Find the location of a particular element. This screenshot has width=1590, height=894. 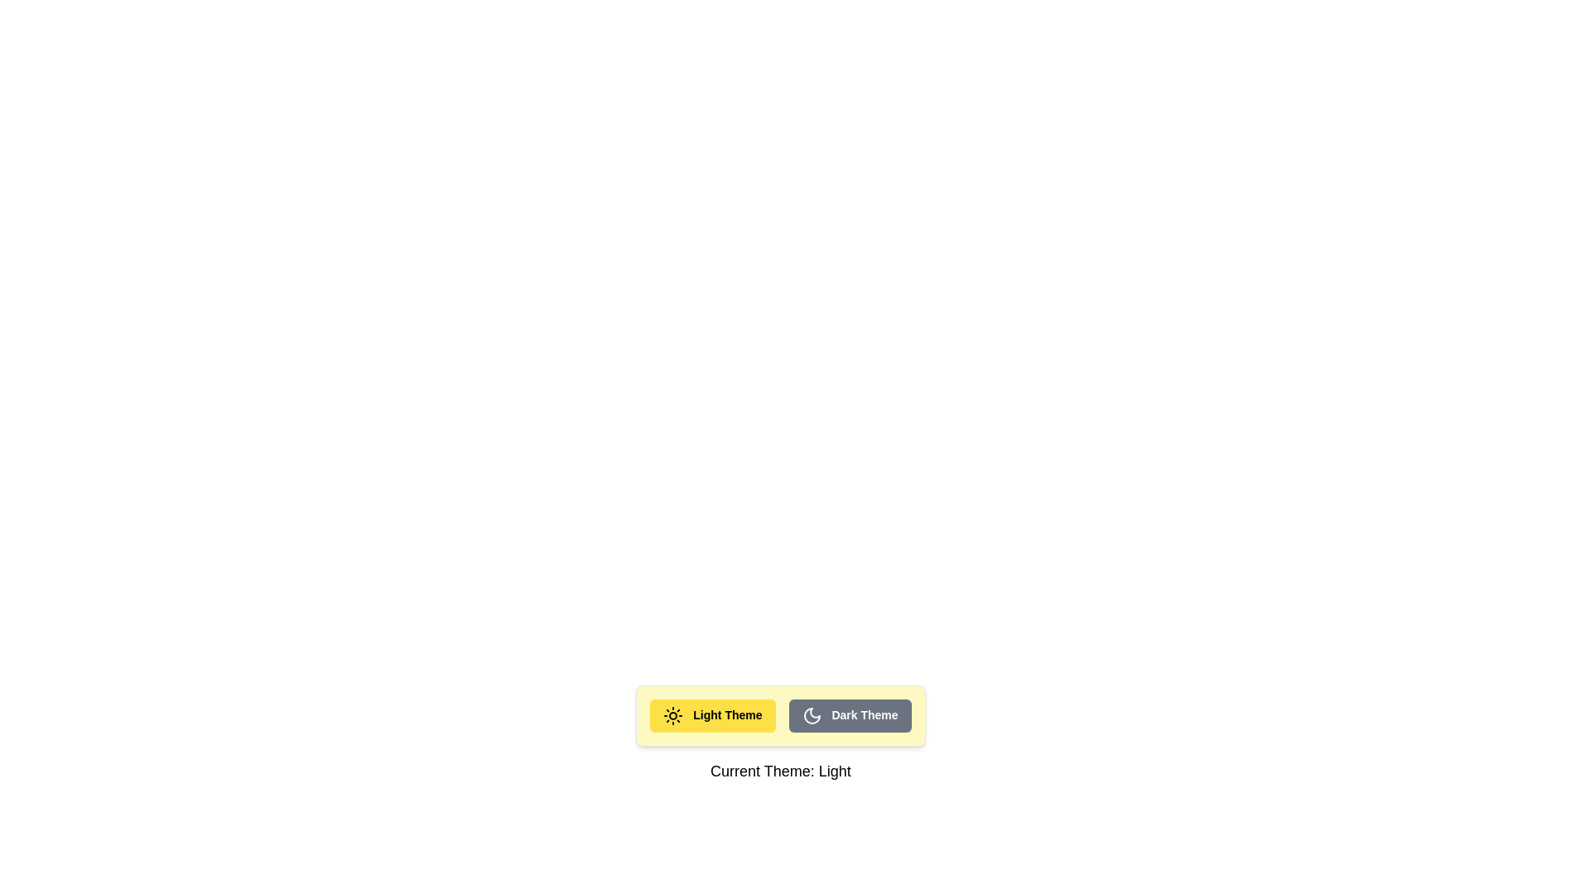

the 'Dark Theme' icon, which is located to the left of the 'Dark Theme' button in the theme selection interface is located at coordinates (812, 714).